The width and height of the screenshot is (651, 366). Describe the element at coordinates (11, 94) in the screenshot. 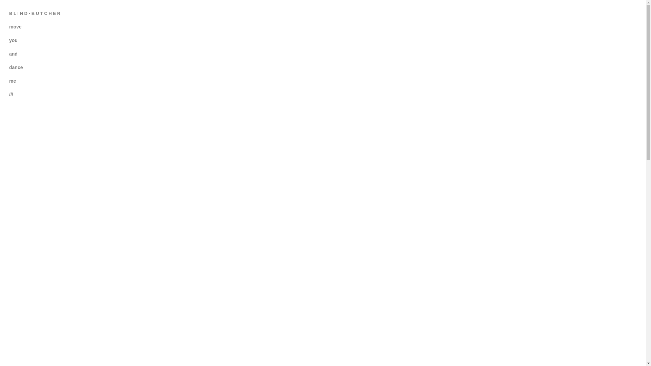

I see `'///'` at that location.